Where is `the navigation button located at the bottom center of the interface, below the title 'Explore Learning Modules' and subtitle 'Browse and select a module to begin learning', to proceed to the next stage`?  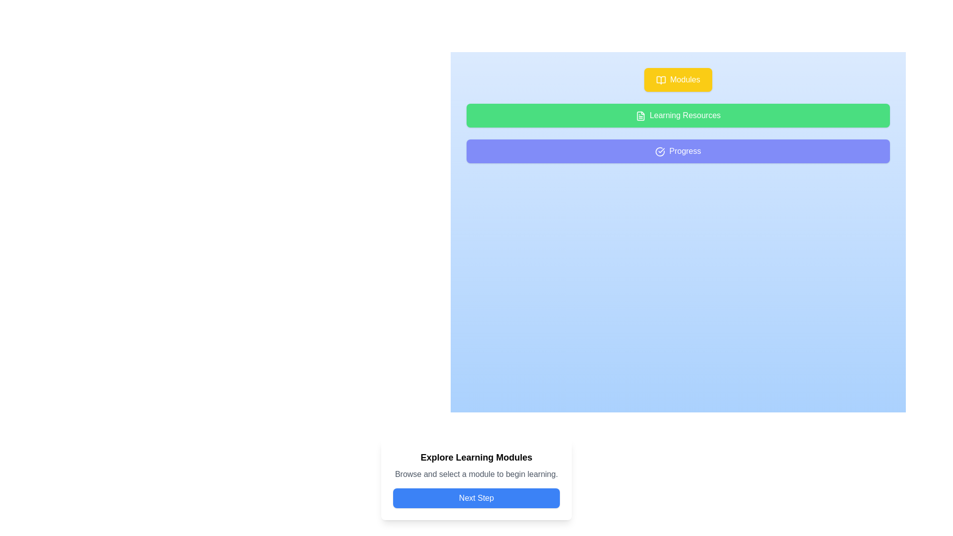 the navigation button located at the bottom center of the interface, below the title 'Explore Learning Modules' and subtitle 'Browse and select a module to begin learning', to proceed to the next stage is located at coordinates (476, 498).